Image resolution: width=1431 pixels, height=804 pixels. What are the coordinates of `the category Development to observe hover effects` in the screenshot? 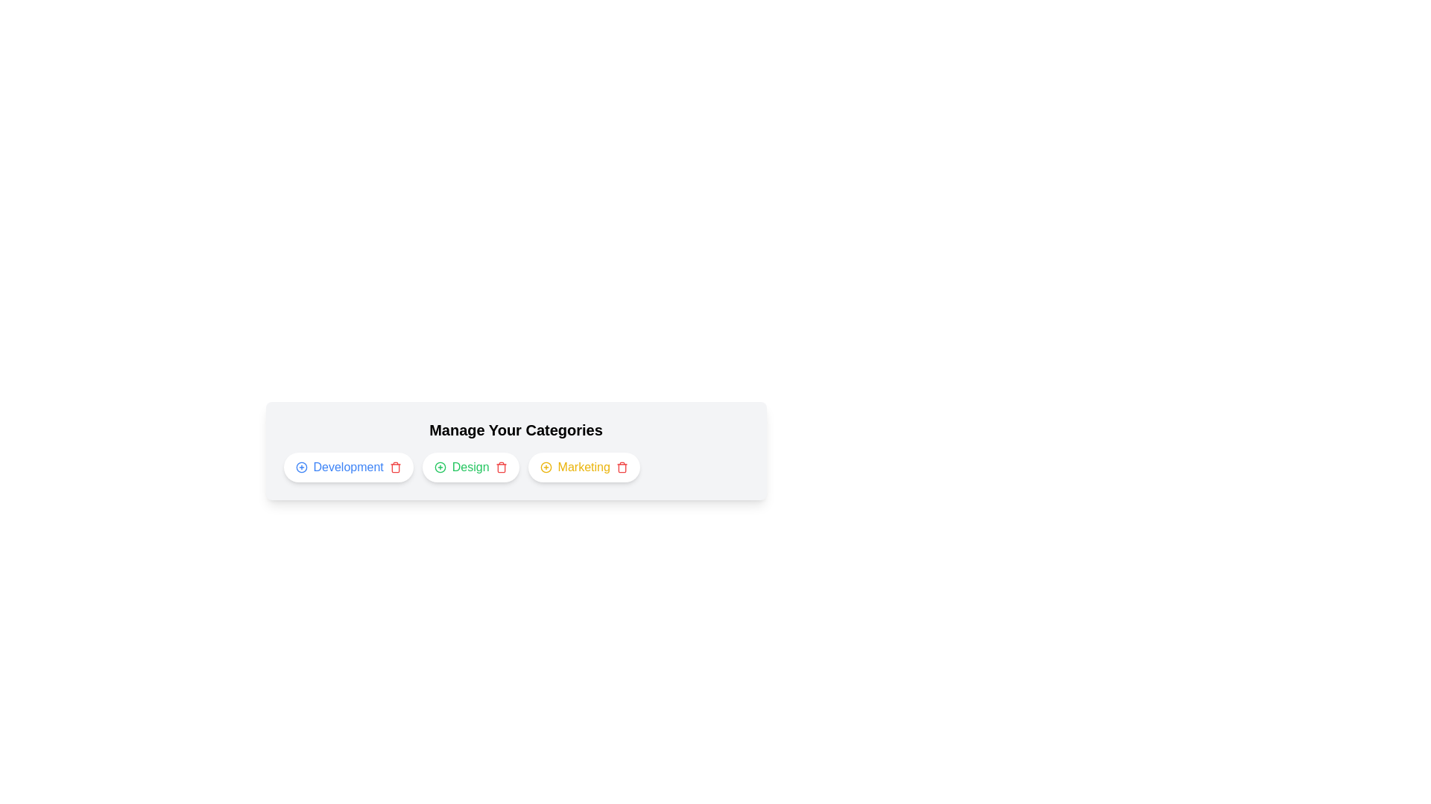 It's located at (347, 467).